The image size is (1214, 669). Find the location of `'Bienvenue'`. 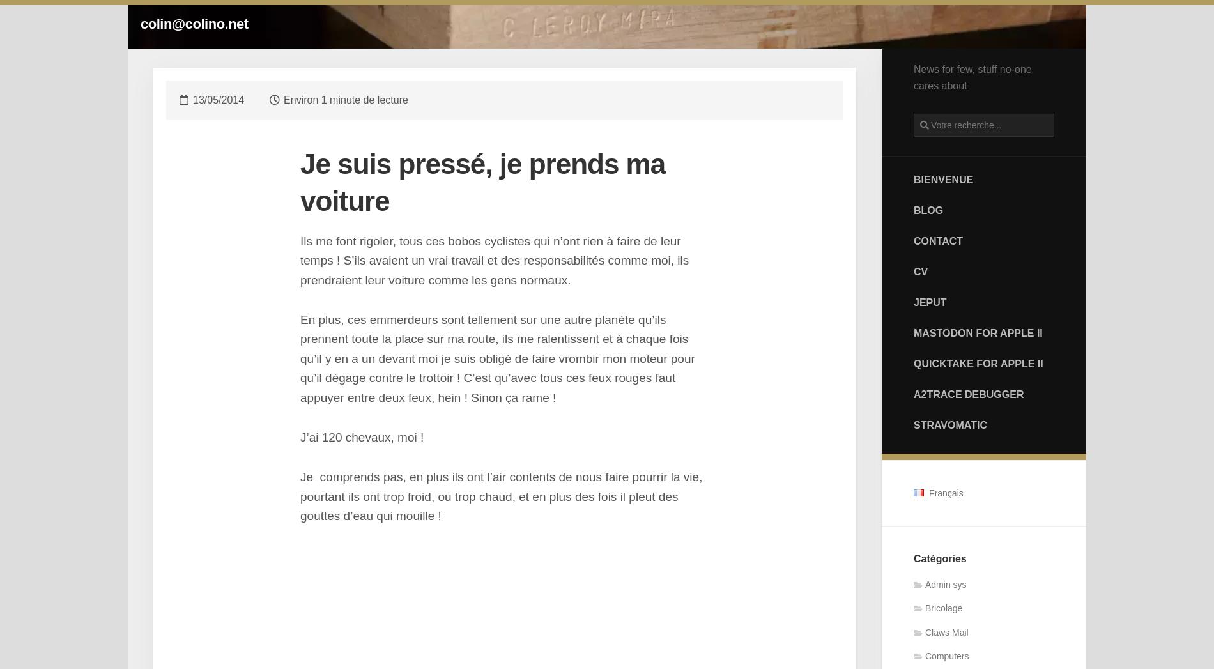

'Bienvenue' is located at coordinates (943, 179).